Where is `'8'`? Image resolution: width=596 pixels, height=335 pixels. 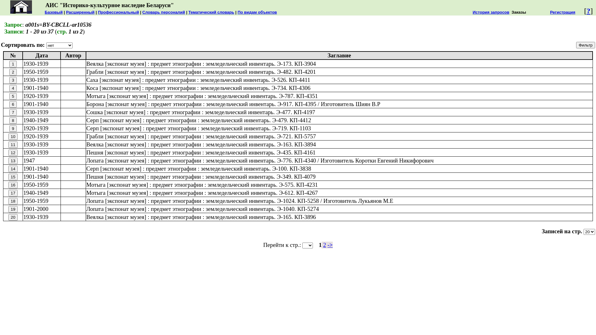 '8' is located at coordinates (9, 120).